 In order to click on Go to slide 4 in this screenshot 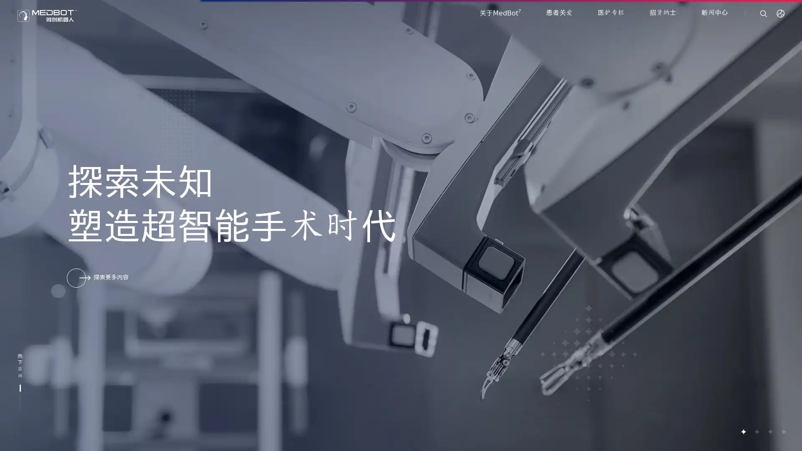, I will do `click(783, 431)`.